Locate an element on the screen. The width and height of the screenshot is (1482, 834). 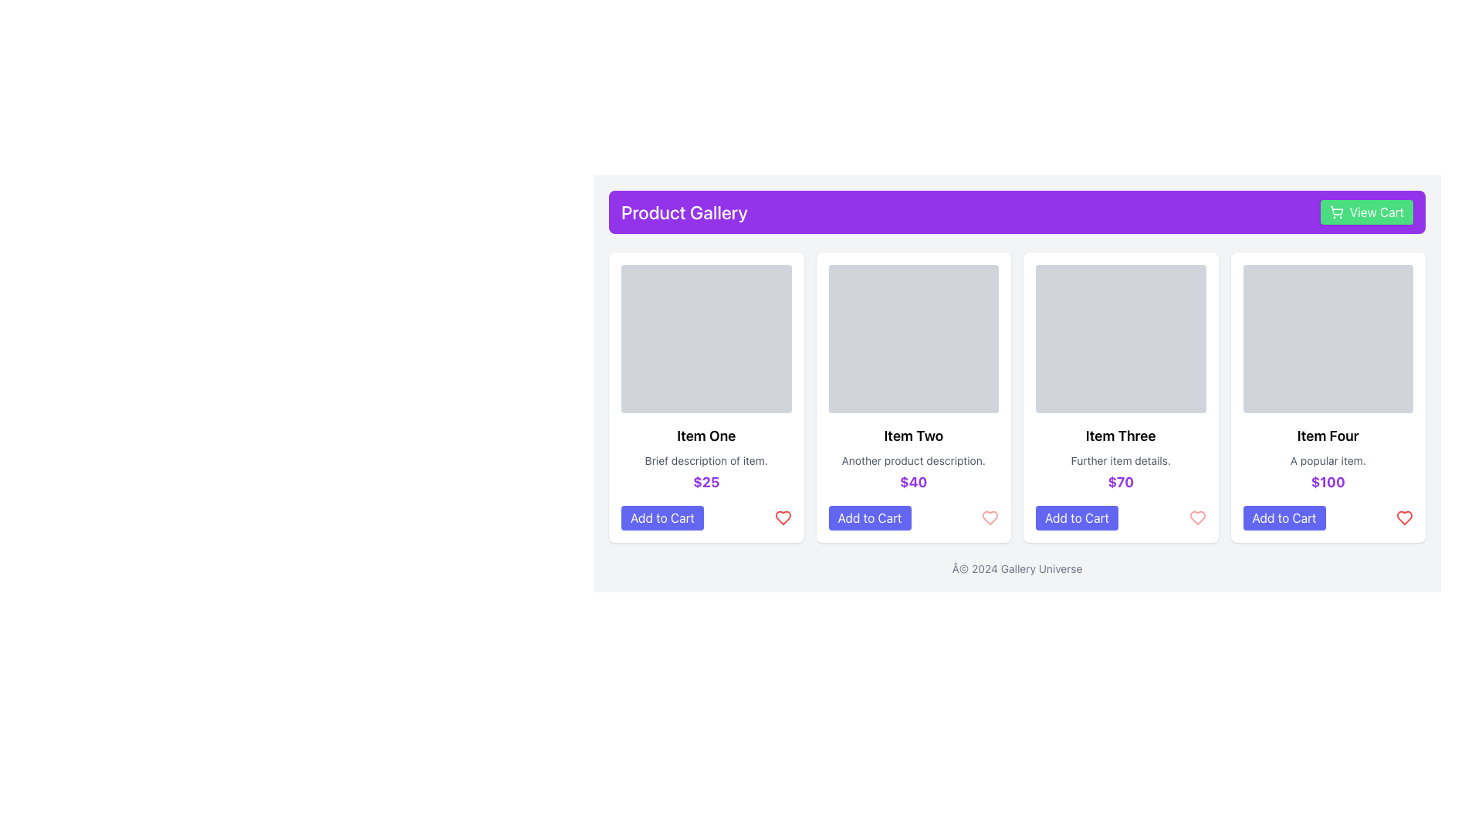
the text element that provides a brief description for 'Item Four', located in the fourth product card from the left, directly below 'Item Four' and above '$100' is located at coordinates (1327, 460).